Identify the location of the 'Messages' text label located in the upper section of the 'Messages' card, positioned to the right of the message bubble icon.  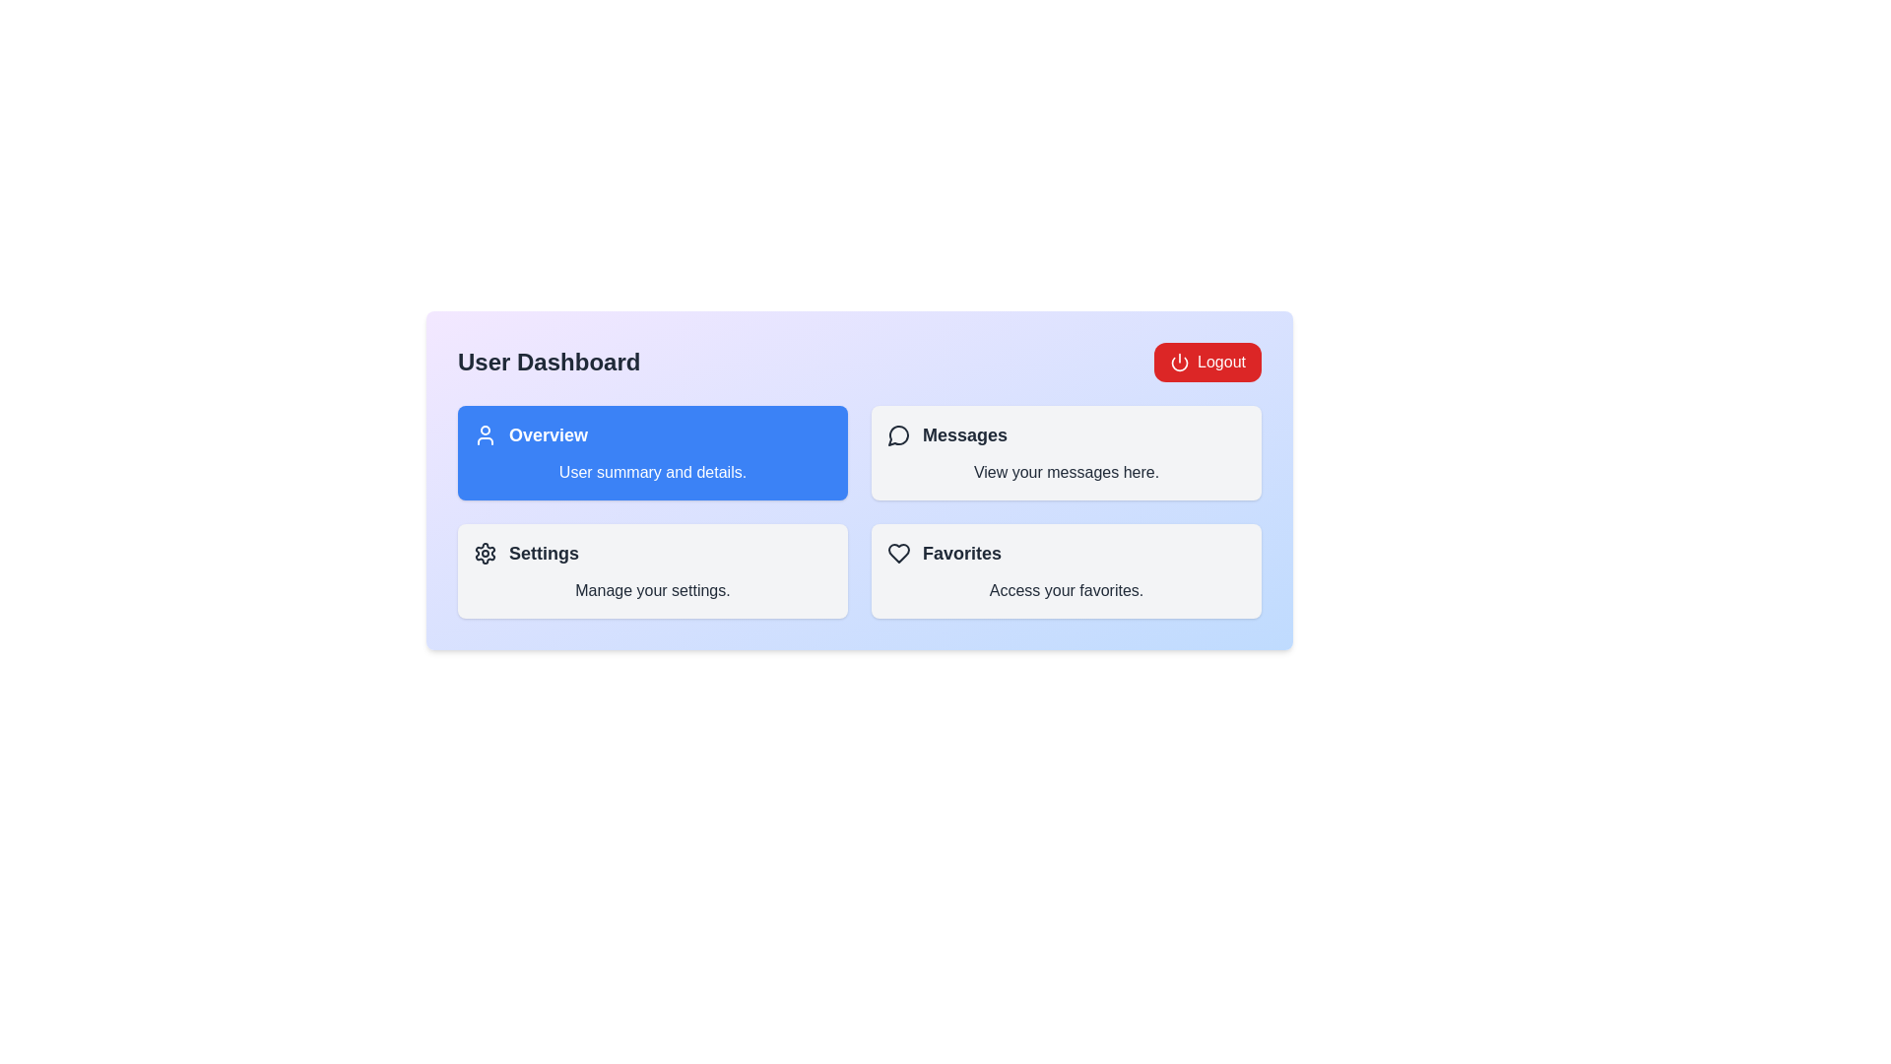
(964, 434).